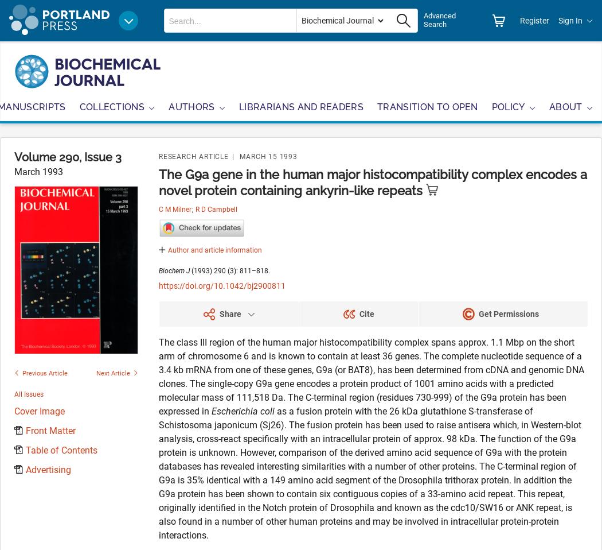 The image size is (602, 550). Describe the element at coordinates (239, 157) in the screenshot. I see `'March 15 1993'` at that location.